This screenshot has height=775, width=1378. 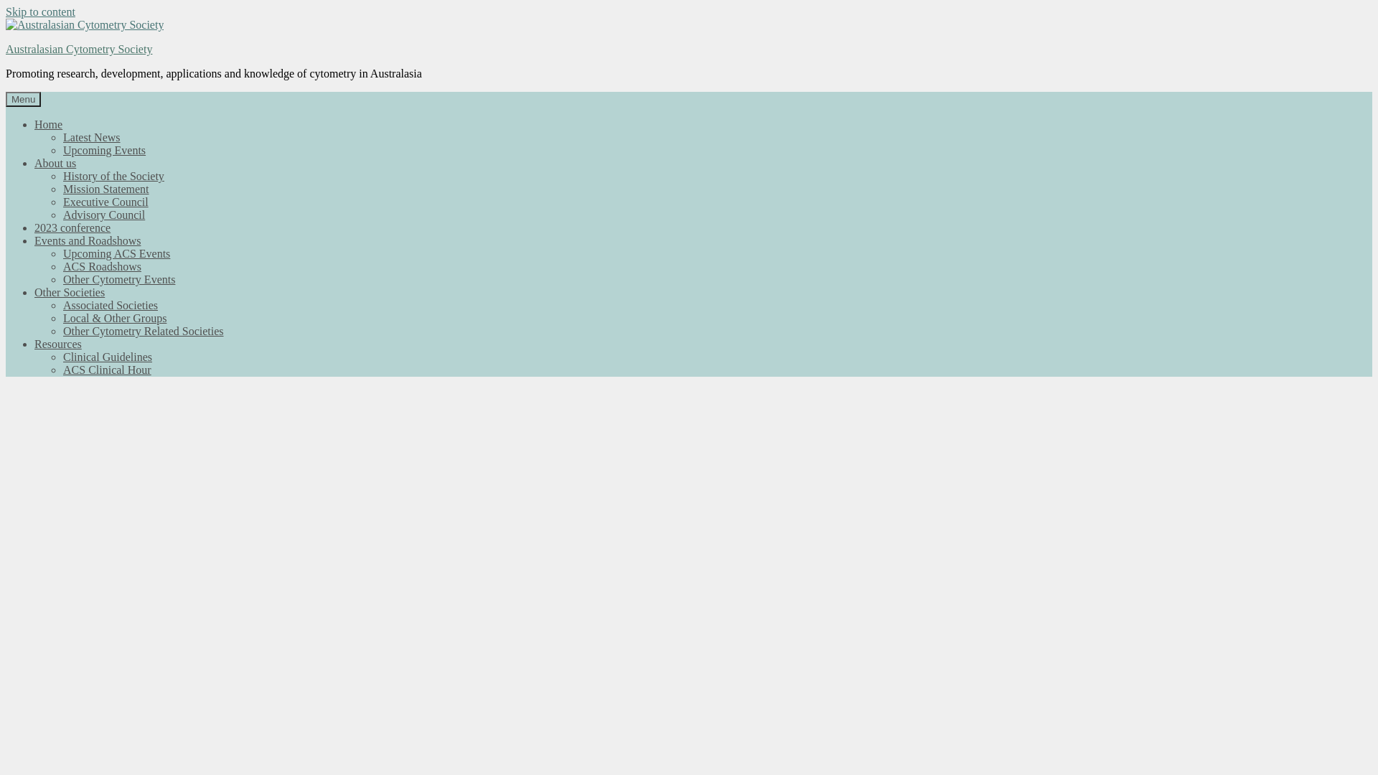 What do you see at coordinates (23, 98) in the screenshot?
I see `'Menu'` at bounding box center [23, 98].